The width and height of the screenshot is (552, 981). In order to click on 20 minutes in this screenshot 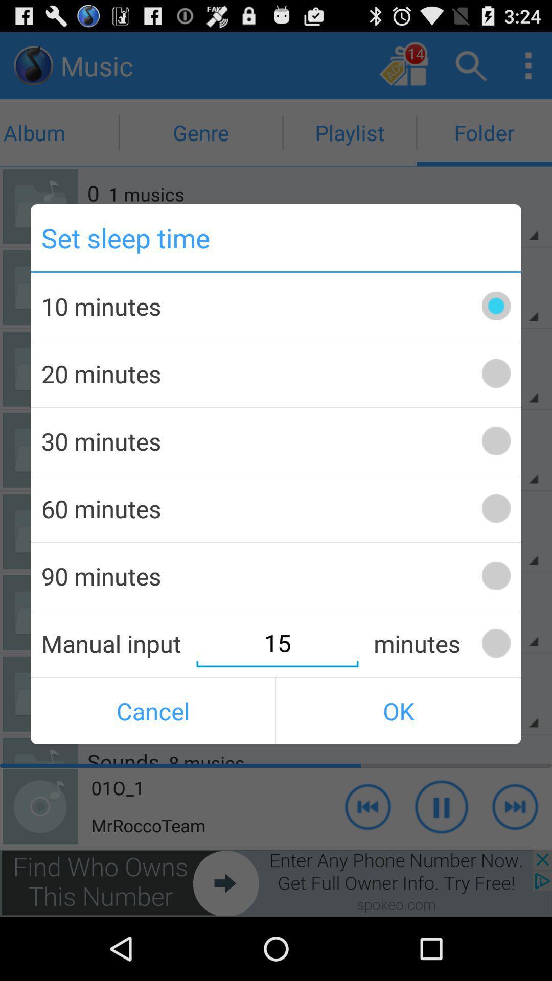, I will do `click(495, 373)`.